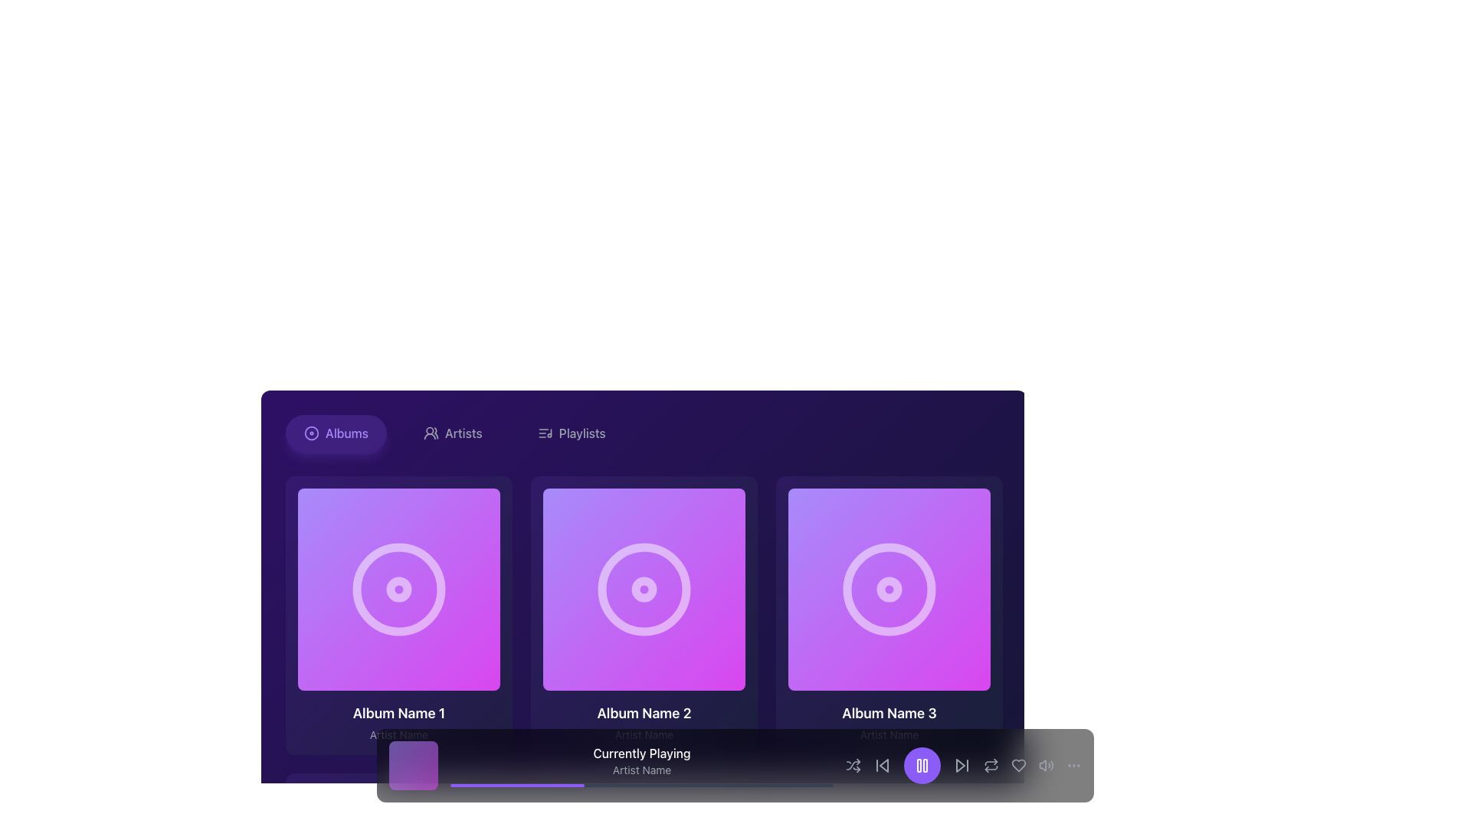  I want to click on the slider, so click(733, 786).